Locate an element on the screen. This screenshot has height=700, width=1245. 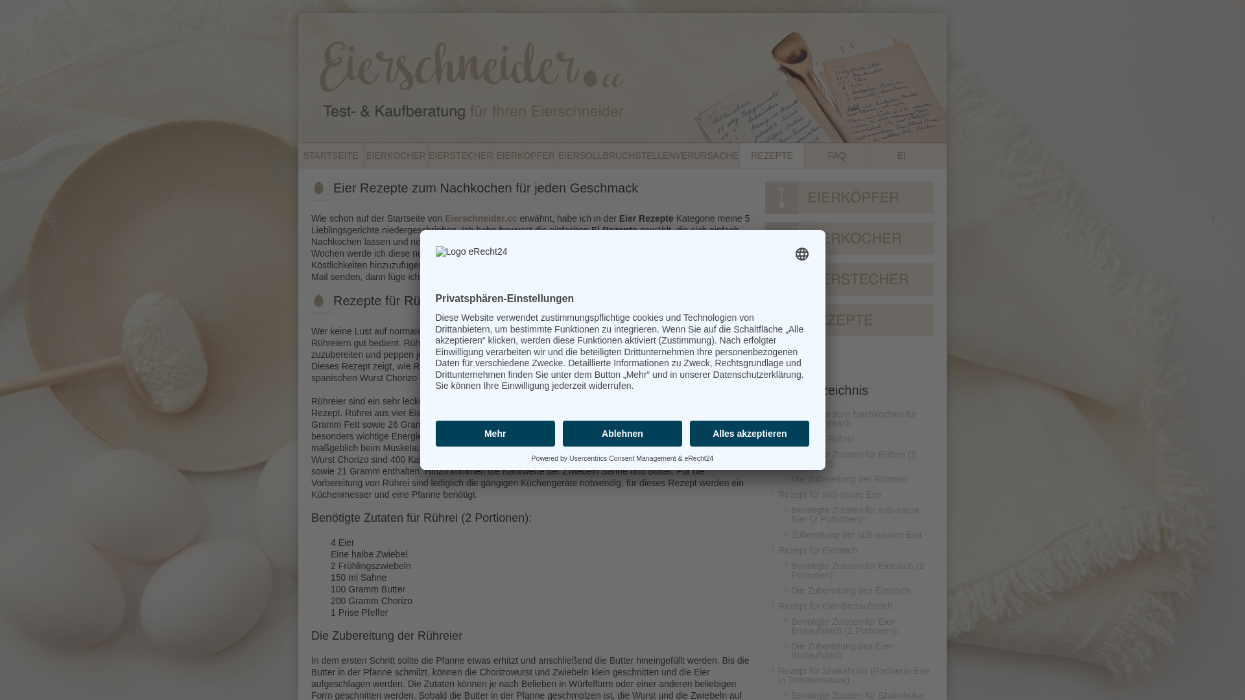
'Eierkocher' is located at coordinates (765, 242).